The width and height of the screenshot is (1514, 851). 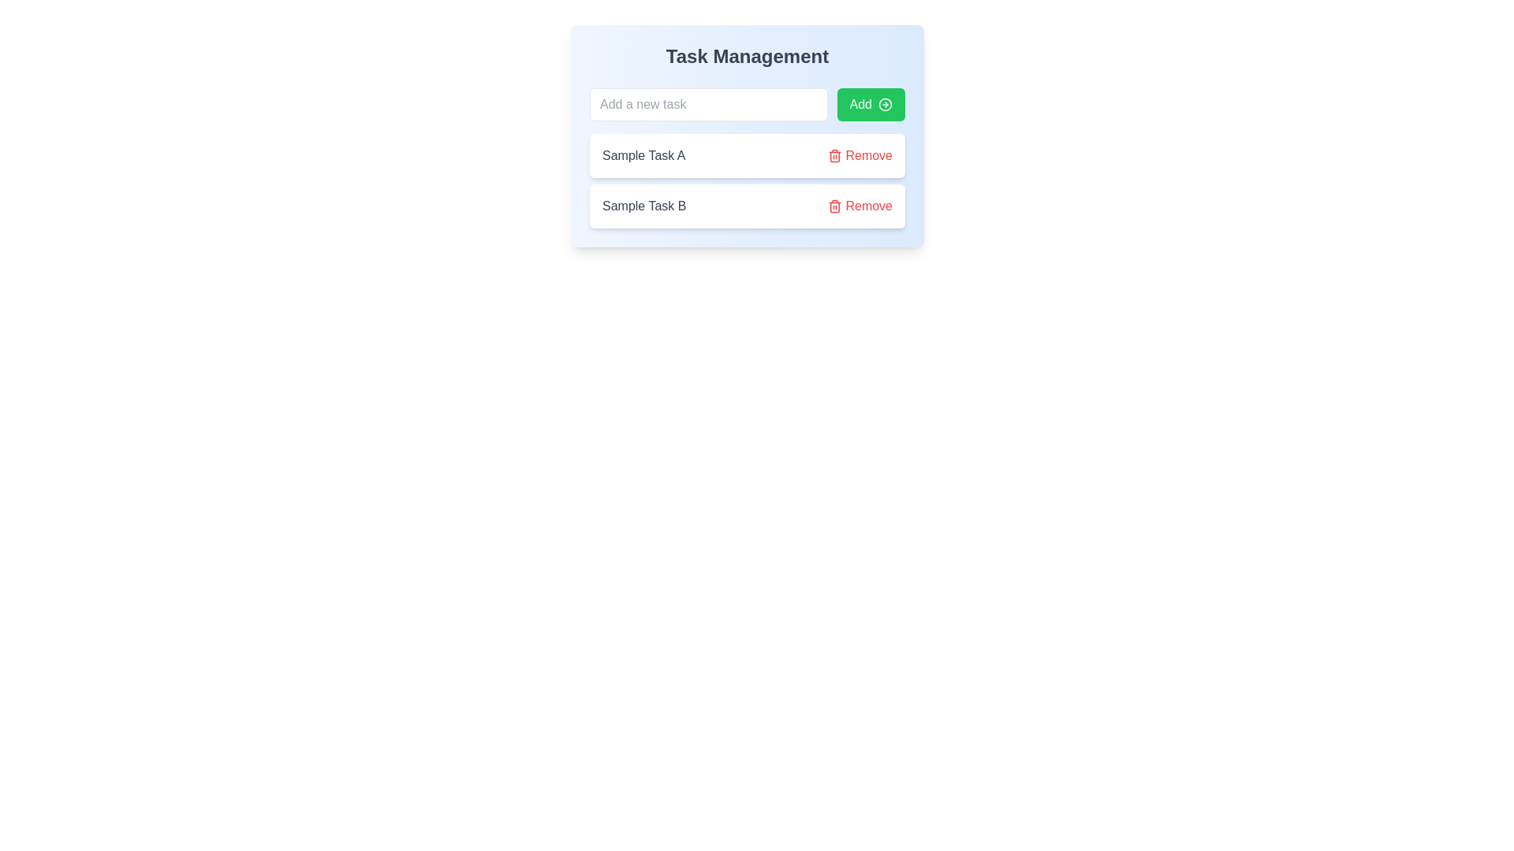 I want to click on the small icon inside the green button labeled 'Add', so click(x=886, y=104).